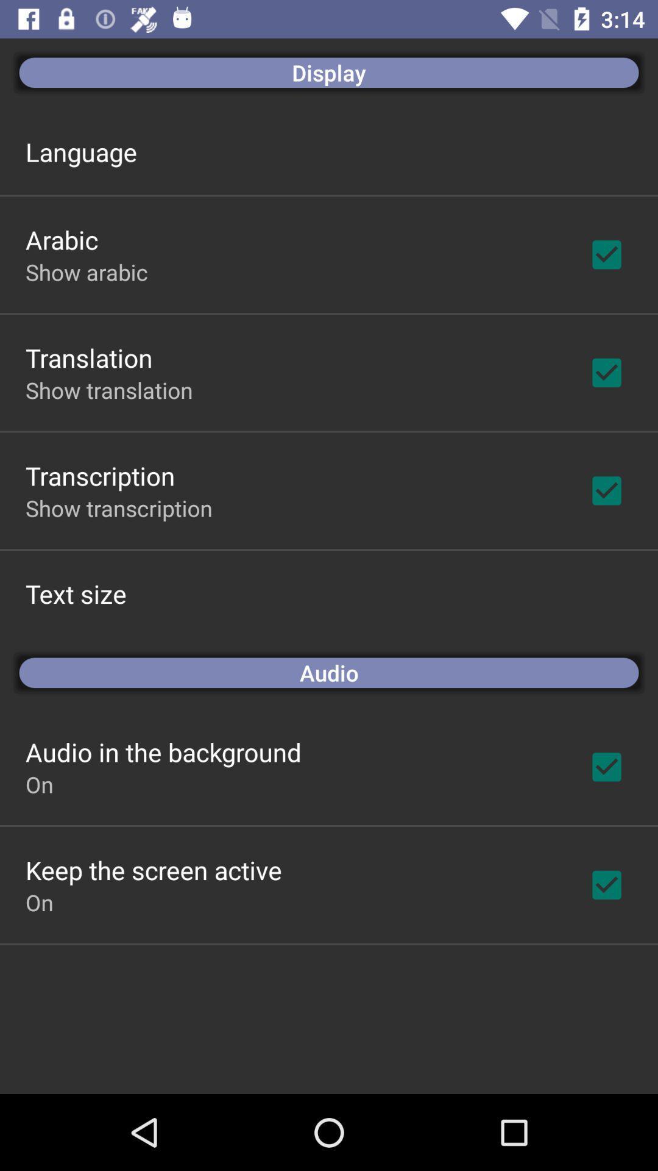 This screenshot has width=658, height=1171. What do you see at coordinates (153, 869) in the screenshot?
I see `keep the screen icon` at bounding box center [153, 869].